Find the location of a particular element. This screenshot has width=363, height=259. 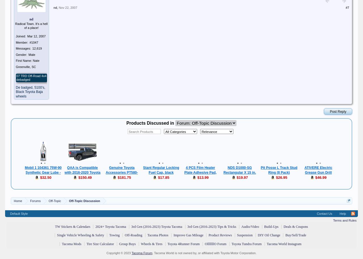

'Mar 12, 2007' is located at coordinates (36, 36).